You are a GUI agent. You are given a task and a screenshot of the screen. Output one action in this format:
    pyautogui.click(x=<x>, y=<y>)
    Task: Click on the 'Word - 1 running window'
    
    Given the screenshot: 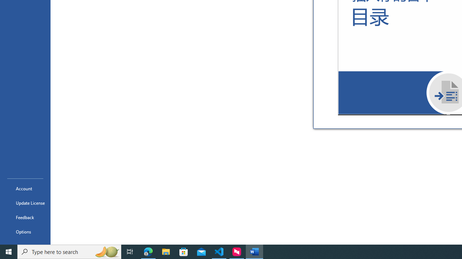 What is the action you would take?
    pyautogui.click(x=254, y=251)
    